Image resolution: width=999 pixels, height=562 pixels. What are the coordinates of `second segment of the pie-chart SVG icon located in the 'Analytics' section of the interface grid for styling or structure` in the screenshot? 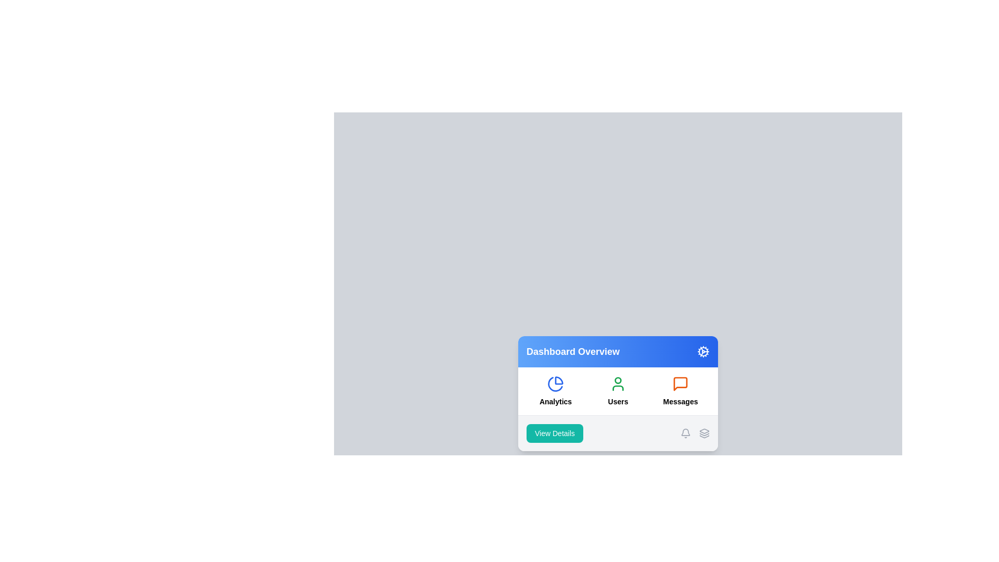 It's located at (555, 384).